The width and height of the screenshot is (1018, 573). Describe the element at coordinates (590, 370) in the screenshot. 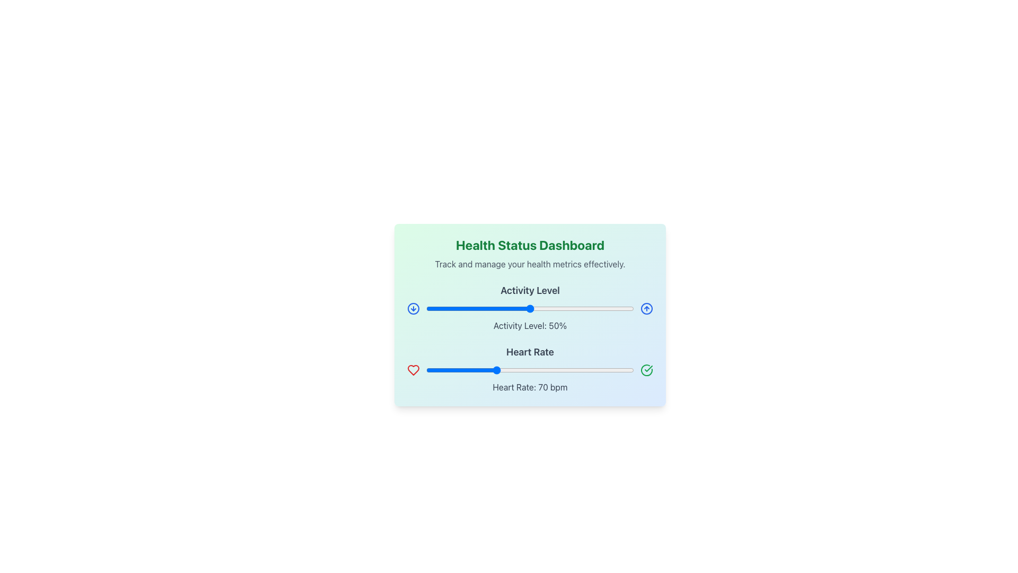

I see `heart rate` at that location.